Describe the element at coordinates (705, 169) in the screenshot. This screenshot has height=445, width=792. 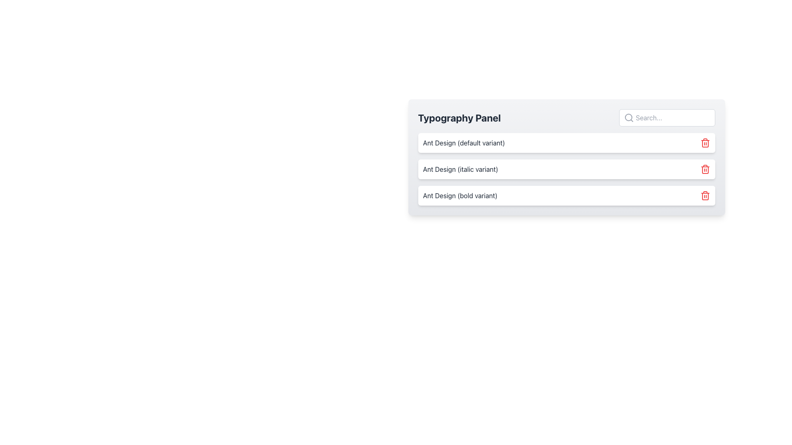
I see `the delete button, which is visually identifiable by its red color and positioned to the right of the 'Ant Design (italic variant)' text in the Typography Panel` at that location.